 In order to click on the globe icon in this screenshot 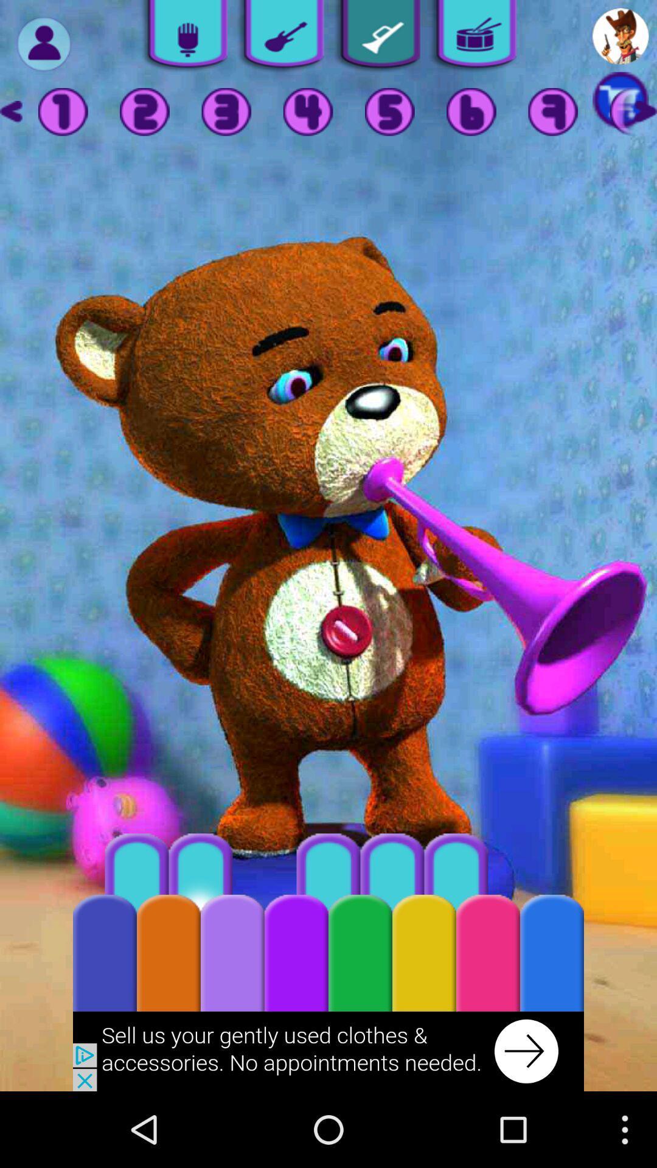, I will do `click(553, 119)`.